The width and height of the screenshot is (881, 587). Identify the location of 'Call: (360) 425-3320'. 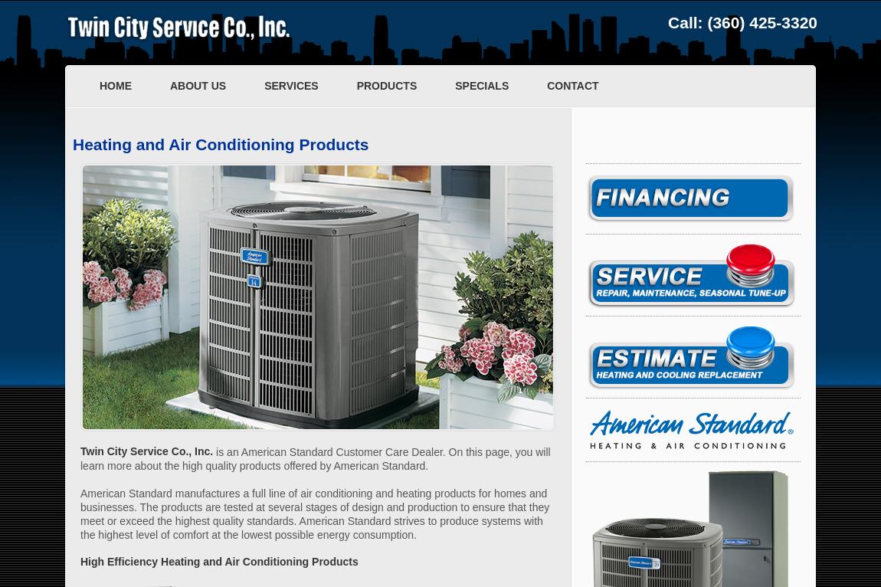
(742, 21).